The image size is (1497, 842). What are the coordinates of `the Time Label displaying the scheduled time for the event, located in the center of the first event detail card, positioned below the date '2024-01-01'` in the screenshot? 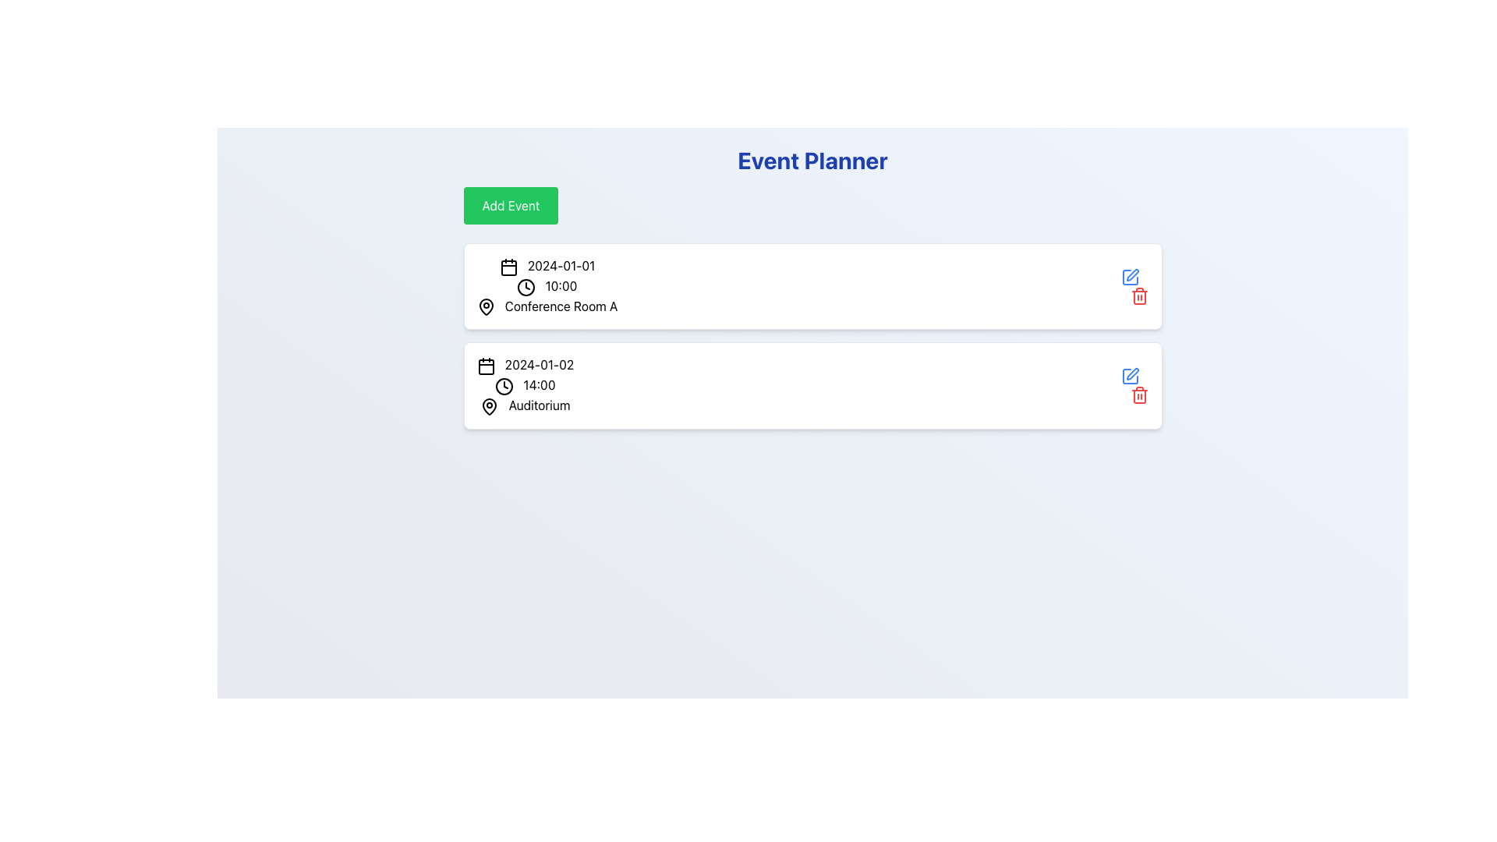 It's located at (547, 286).